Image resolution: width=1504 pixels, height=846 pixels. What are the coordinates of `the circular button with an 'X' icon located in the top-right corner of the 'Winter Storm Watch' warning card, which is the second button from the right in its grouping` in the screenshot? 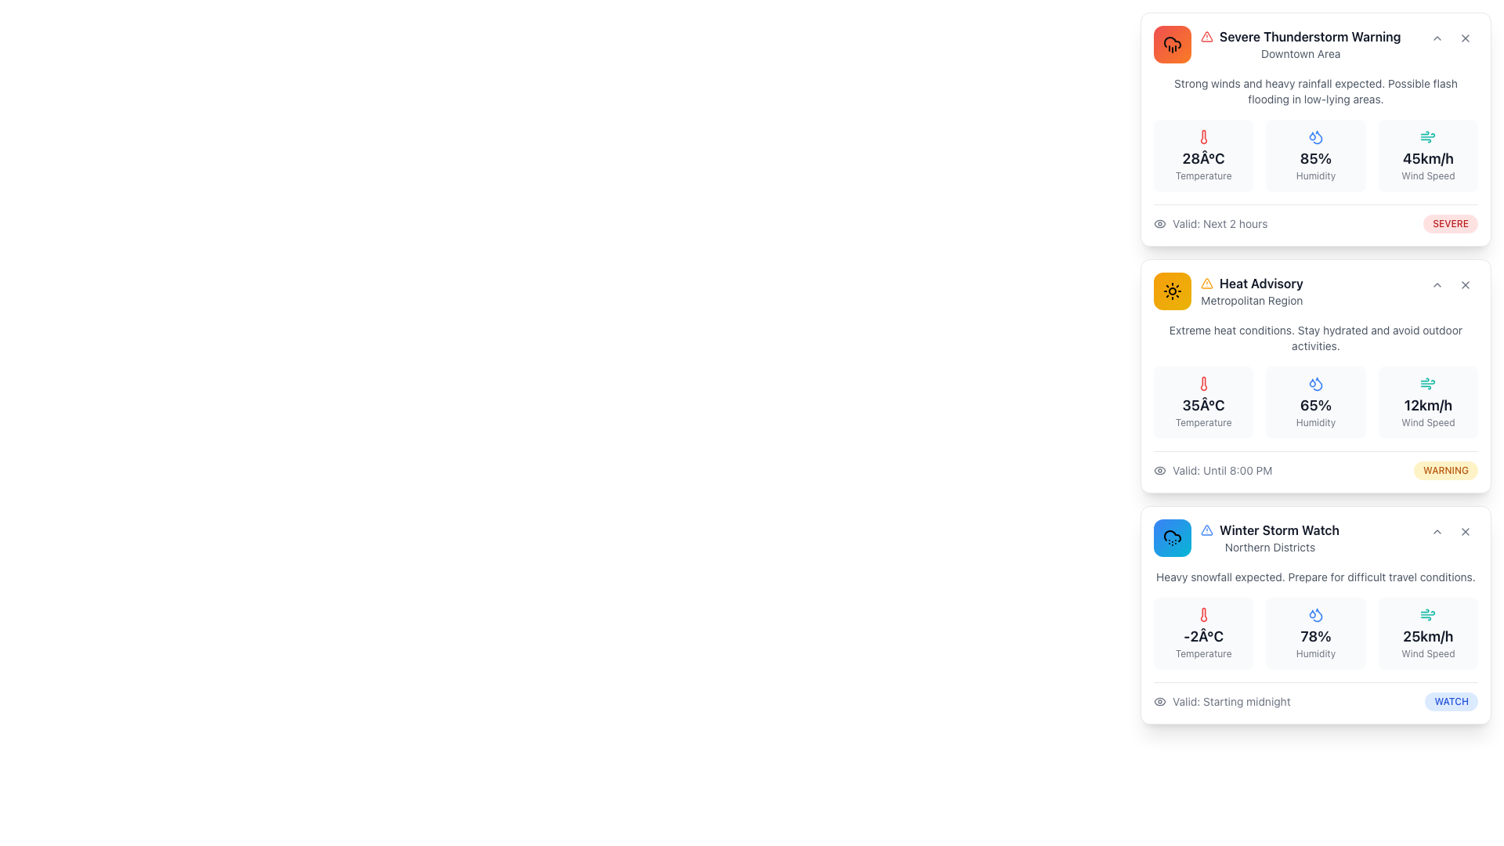 It's located at (1465, 530).